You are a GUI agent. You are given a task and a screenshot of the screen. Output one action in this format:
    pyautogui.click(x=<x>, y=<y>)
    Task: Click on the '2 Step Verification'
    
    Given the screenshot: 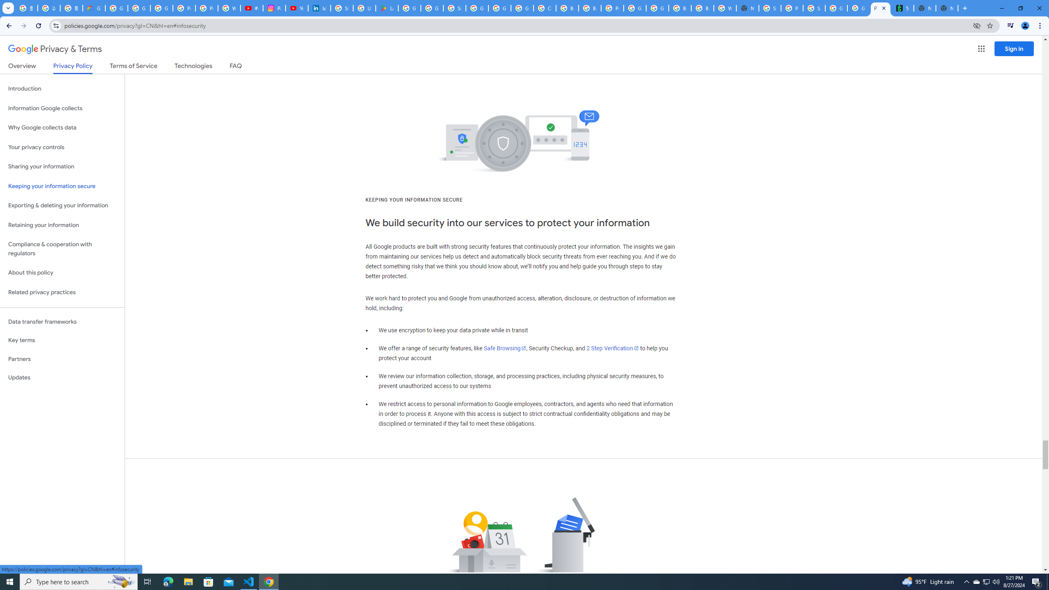 What is the action you would take?
    pyautogui.click(x=613, y=348)
    